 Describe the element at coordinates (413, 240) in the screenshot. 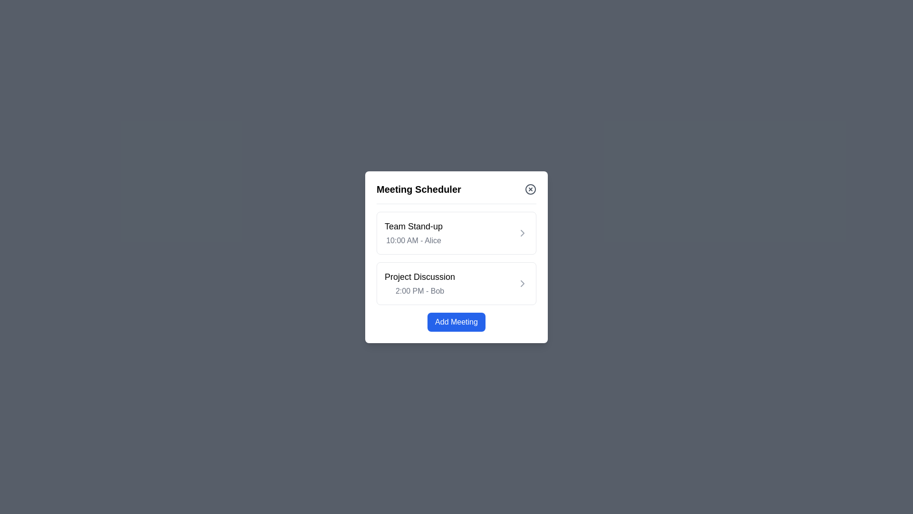

I see `the Text label providing details about the meeting scheduled at 10:00 AM, hosted by Alice, located below the 'Team Stand-up' title in the 'Meeting Scheduler' modal` at that location.